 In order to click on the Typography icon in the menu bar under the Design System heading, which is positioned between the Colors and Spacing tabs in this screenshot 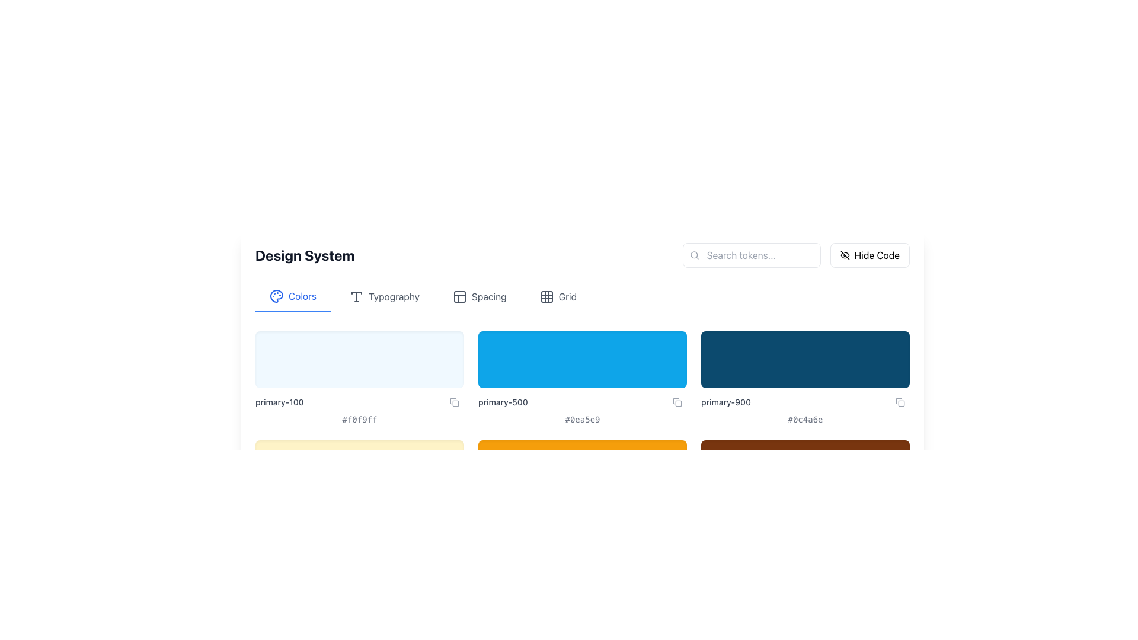, I will do `click(356, 296)`.